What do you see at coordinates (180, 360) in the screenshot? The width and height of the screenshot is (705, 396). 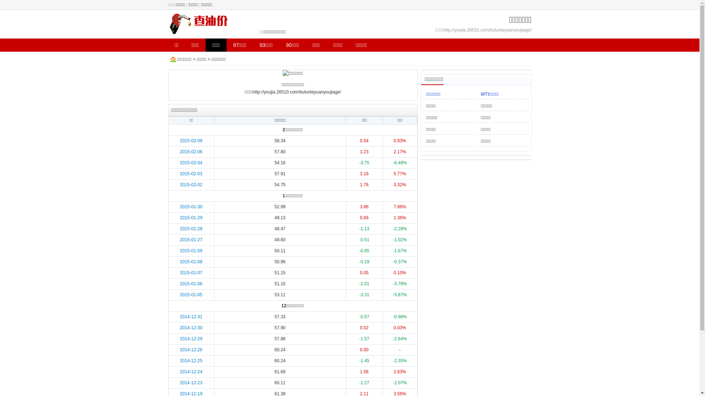 I see `'2014-12-25'` at bounding box center [180, 360].